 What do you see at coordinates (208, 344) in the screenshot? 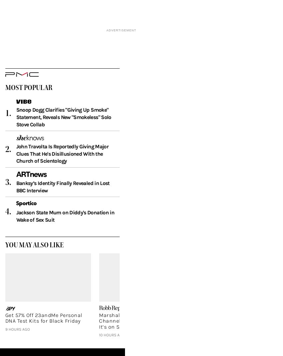
I see `'20 seconds ago'` at bounding box center [208, 344].